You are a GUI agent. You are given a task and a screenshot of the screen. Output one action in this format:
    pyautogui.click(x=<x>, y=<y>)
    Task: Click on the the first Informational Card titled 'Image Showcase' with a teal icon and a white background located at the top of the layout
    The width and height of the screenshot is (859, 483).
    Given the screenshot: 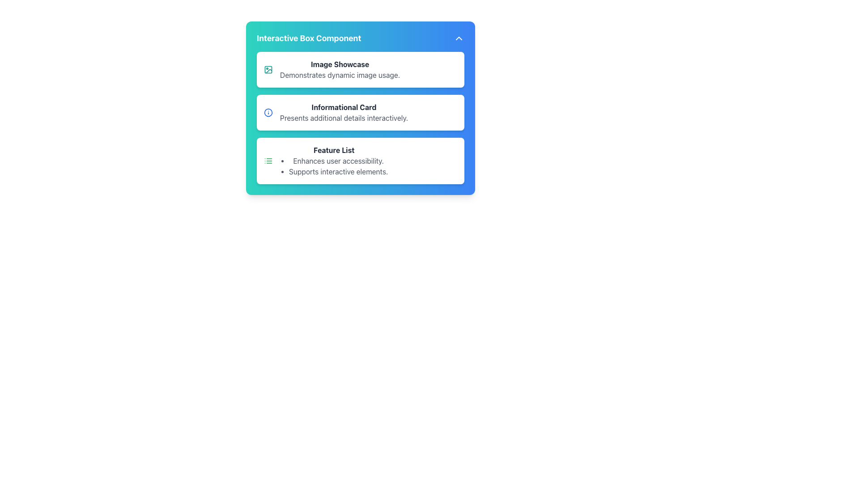 What is the action you would take?
    pyautogui.click(x=361, y=69)
    